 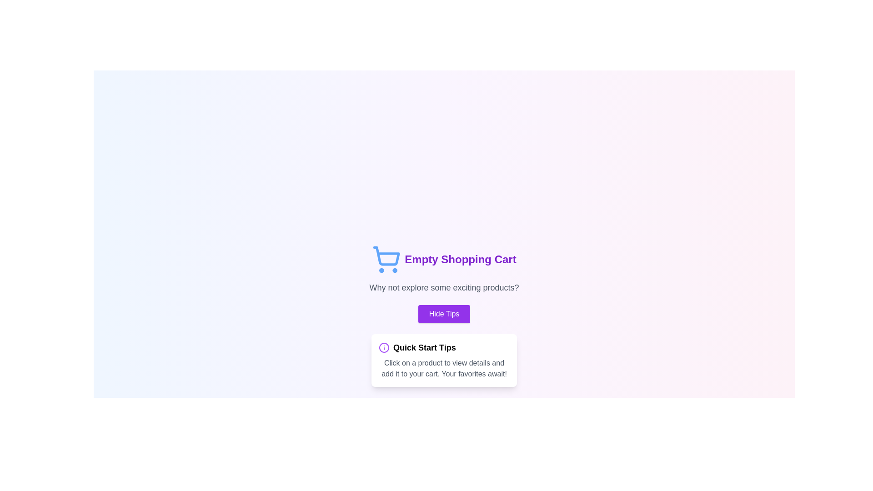 I want to click on the informational text element located below the 'Empty Shopping Cart' heading and above the 'Hide Tips' button, so click(x=444, y=287).